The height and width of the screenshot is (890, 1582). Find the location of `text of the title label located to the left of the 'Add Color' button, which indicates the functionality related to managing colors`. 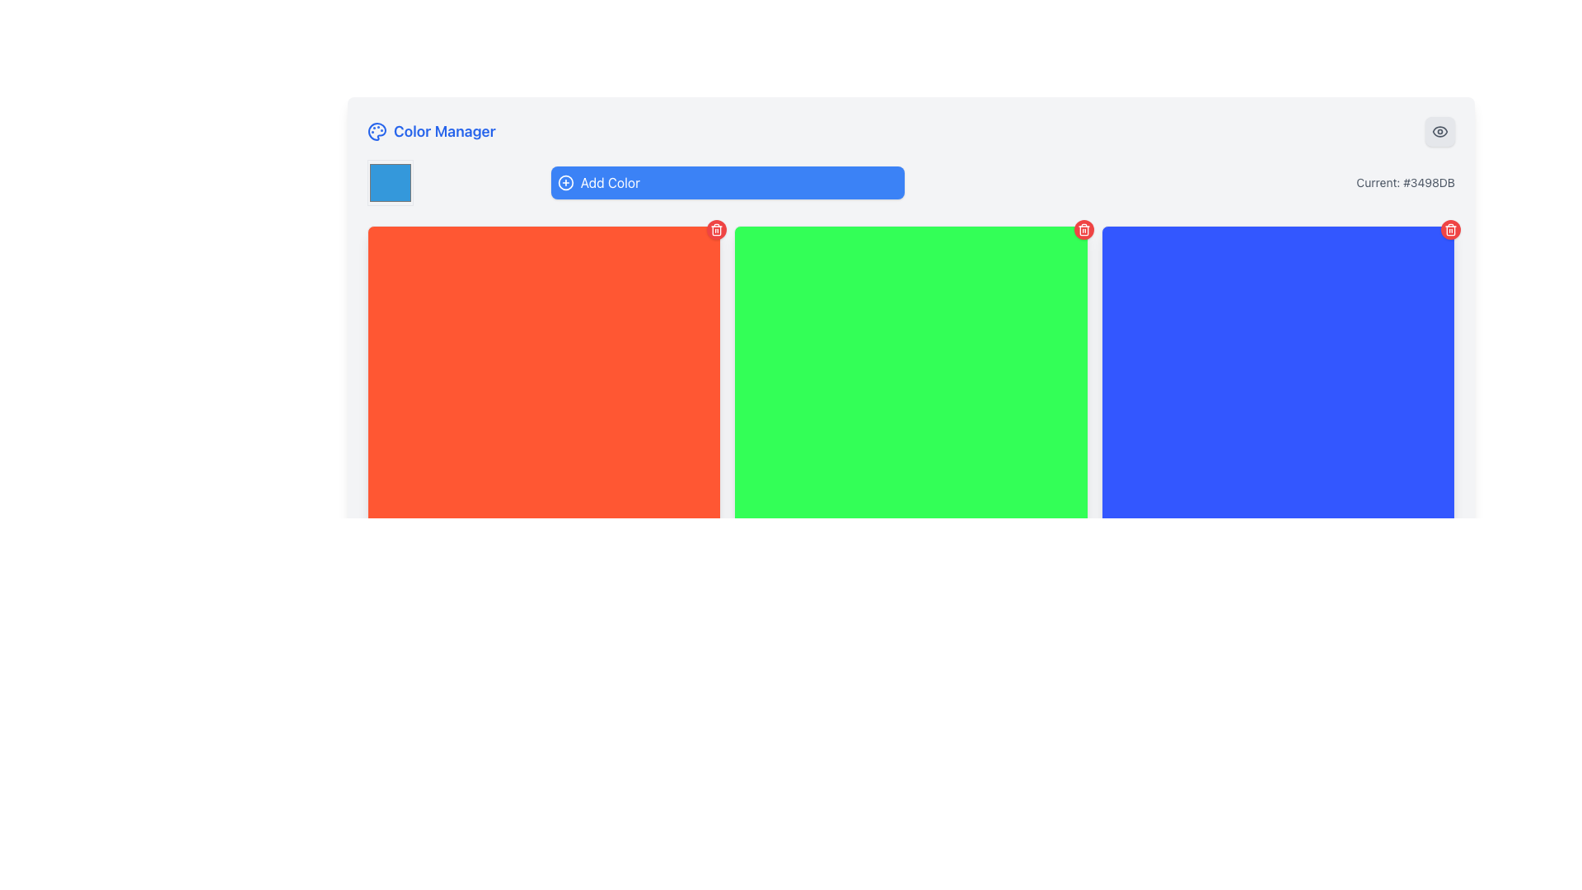

text of the title label located to the left of the 'Add Color' button, which indicates the functionality related to managing colors is located at coordinates (431, 130).